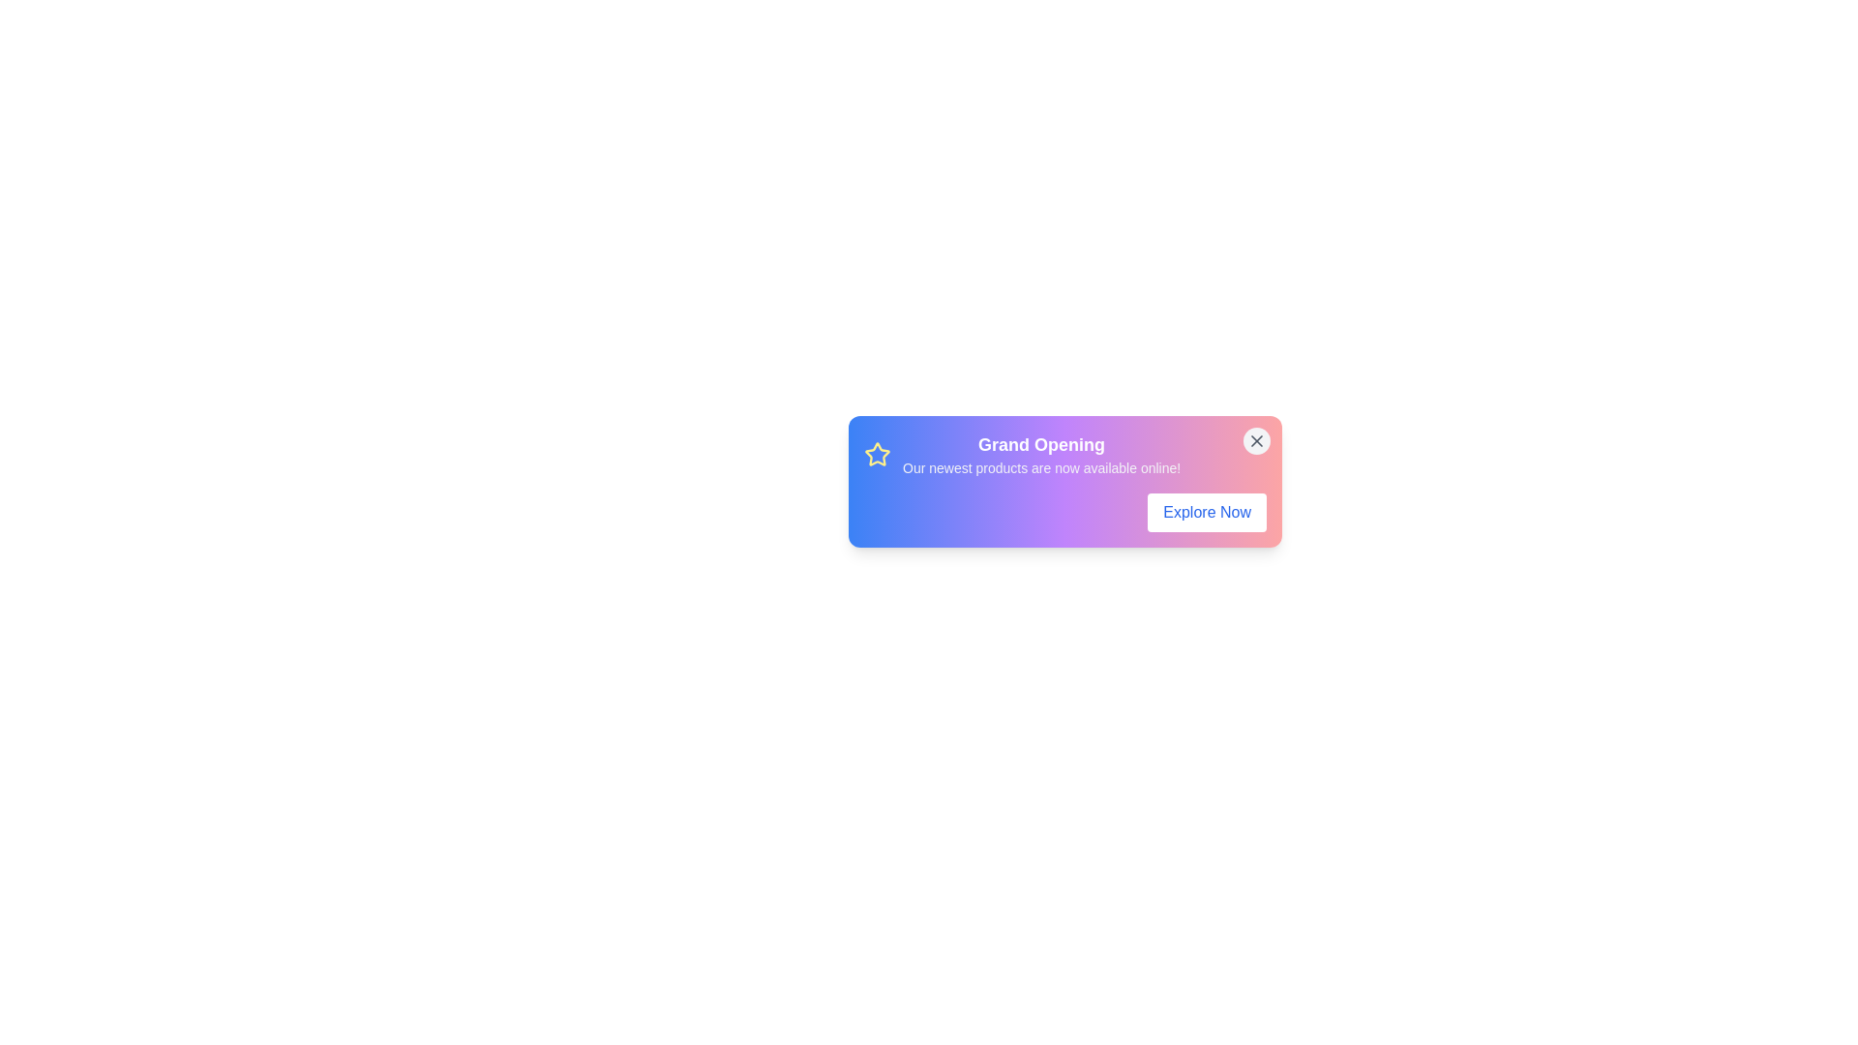  Describe the element at coordinates (1257, 440) in the screenshot. I see `the distinct circular button with a light gray background and a dark gray 'X' icon located at the top right corner of the message dialog` at that location.